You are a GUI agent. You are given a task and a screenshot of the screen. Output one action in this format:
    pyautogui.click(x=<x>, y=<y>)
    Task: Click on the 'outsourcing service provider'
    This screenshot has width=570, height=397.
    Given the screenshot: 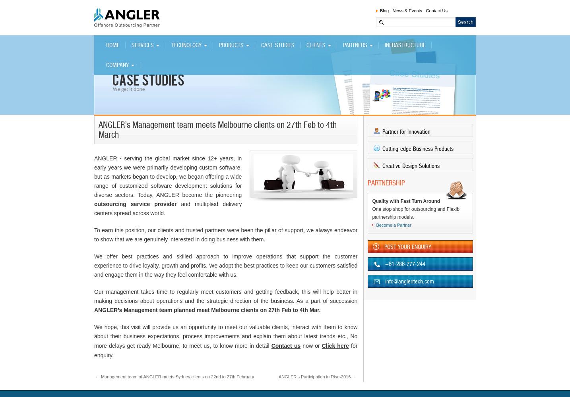 What is the action you would take?
    pyautogui.click(x=135, y=204)
    